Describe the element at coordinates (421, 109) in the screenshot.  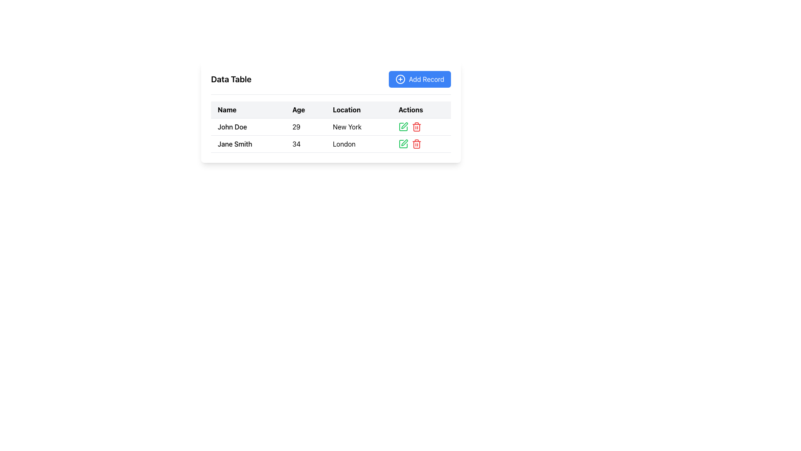
I see `the 'Actions' column header in the table, which is the fourth column header located on the far-right, adjacent to the 'Location' column header` at that location.